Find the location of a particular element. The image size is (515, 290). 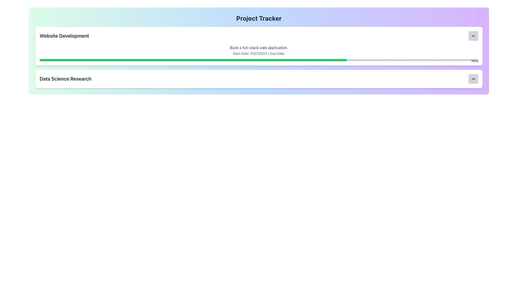

the text label displaying 'Build a full-stack web application.' which is styled in gray and positioned above the line 'Start Date: 01/01/2023 | Due Date:' is located at coordinates (259, 47).